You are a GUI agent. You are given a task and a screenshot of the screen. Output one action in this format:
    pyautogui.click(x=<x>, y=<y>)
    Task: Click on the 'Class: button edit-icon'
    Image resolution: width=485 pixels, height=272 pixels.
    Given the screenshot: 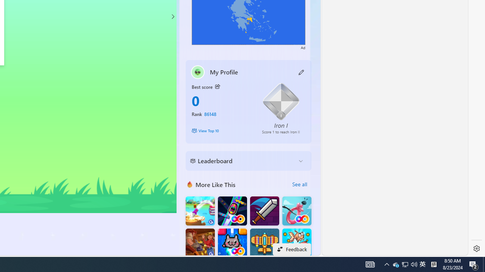 What is the action you would take?
    pyautogui.click(x=301, y=72)
    